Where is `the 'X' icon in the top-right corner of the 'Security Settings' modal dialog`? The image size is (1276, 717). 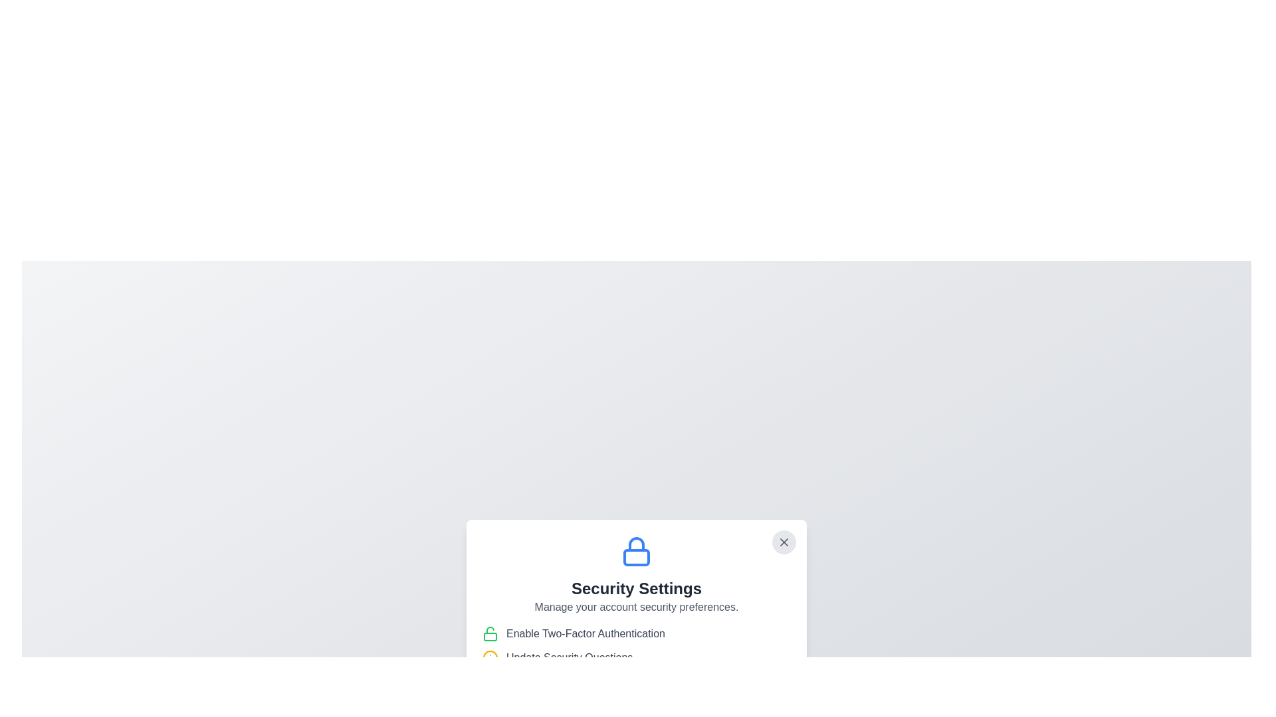 the 'X' icon in the top-right corner of the 'Security Settings' modal dialog is located at coordinates (784, 542).